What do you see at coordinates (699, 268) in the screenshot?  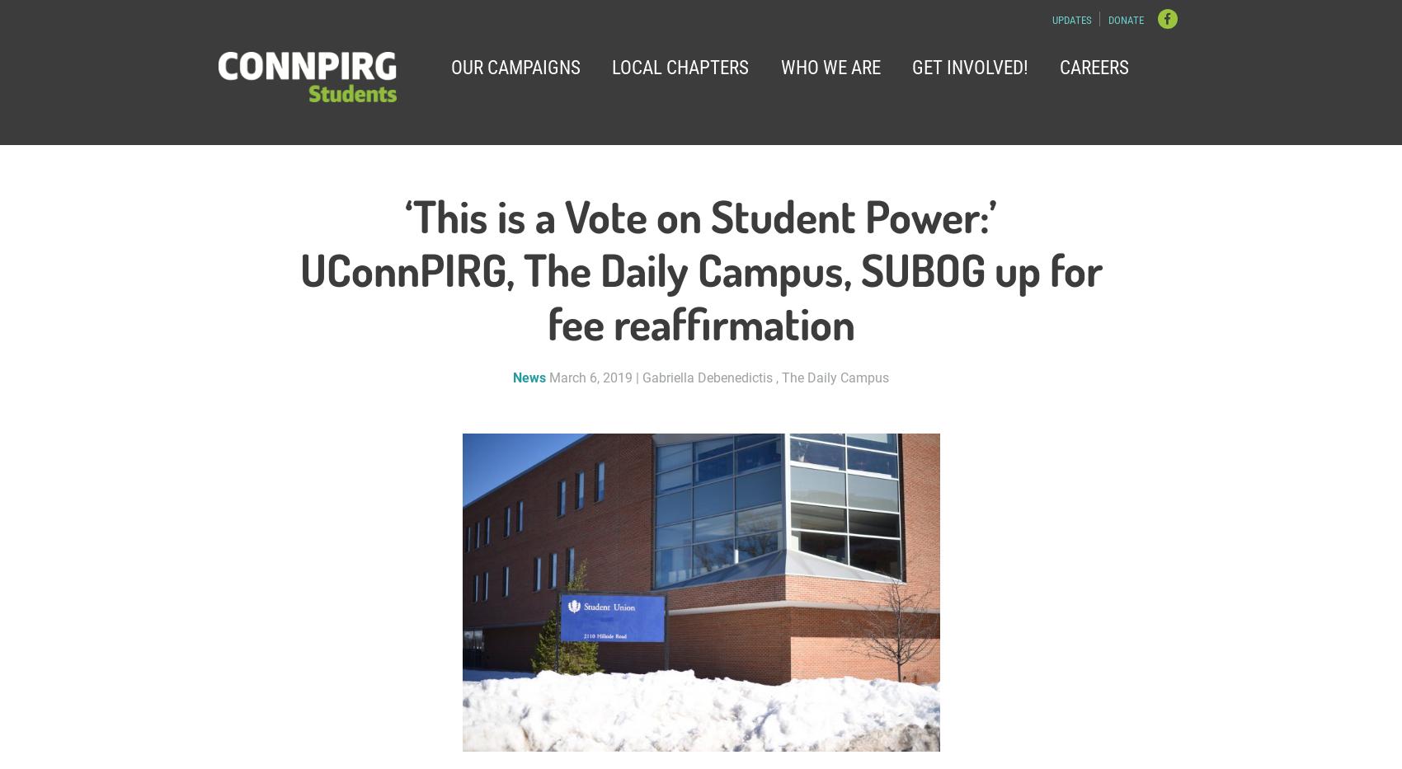 I see `'‘This is a Vote on Student Power:’ UConnPIRG, The Daily Campus, SUBOG up for fee reaffirmation'` at bounding box center [699, 268].